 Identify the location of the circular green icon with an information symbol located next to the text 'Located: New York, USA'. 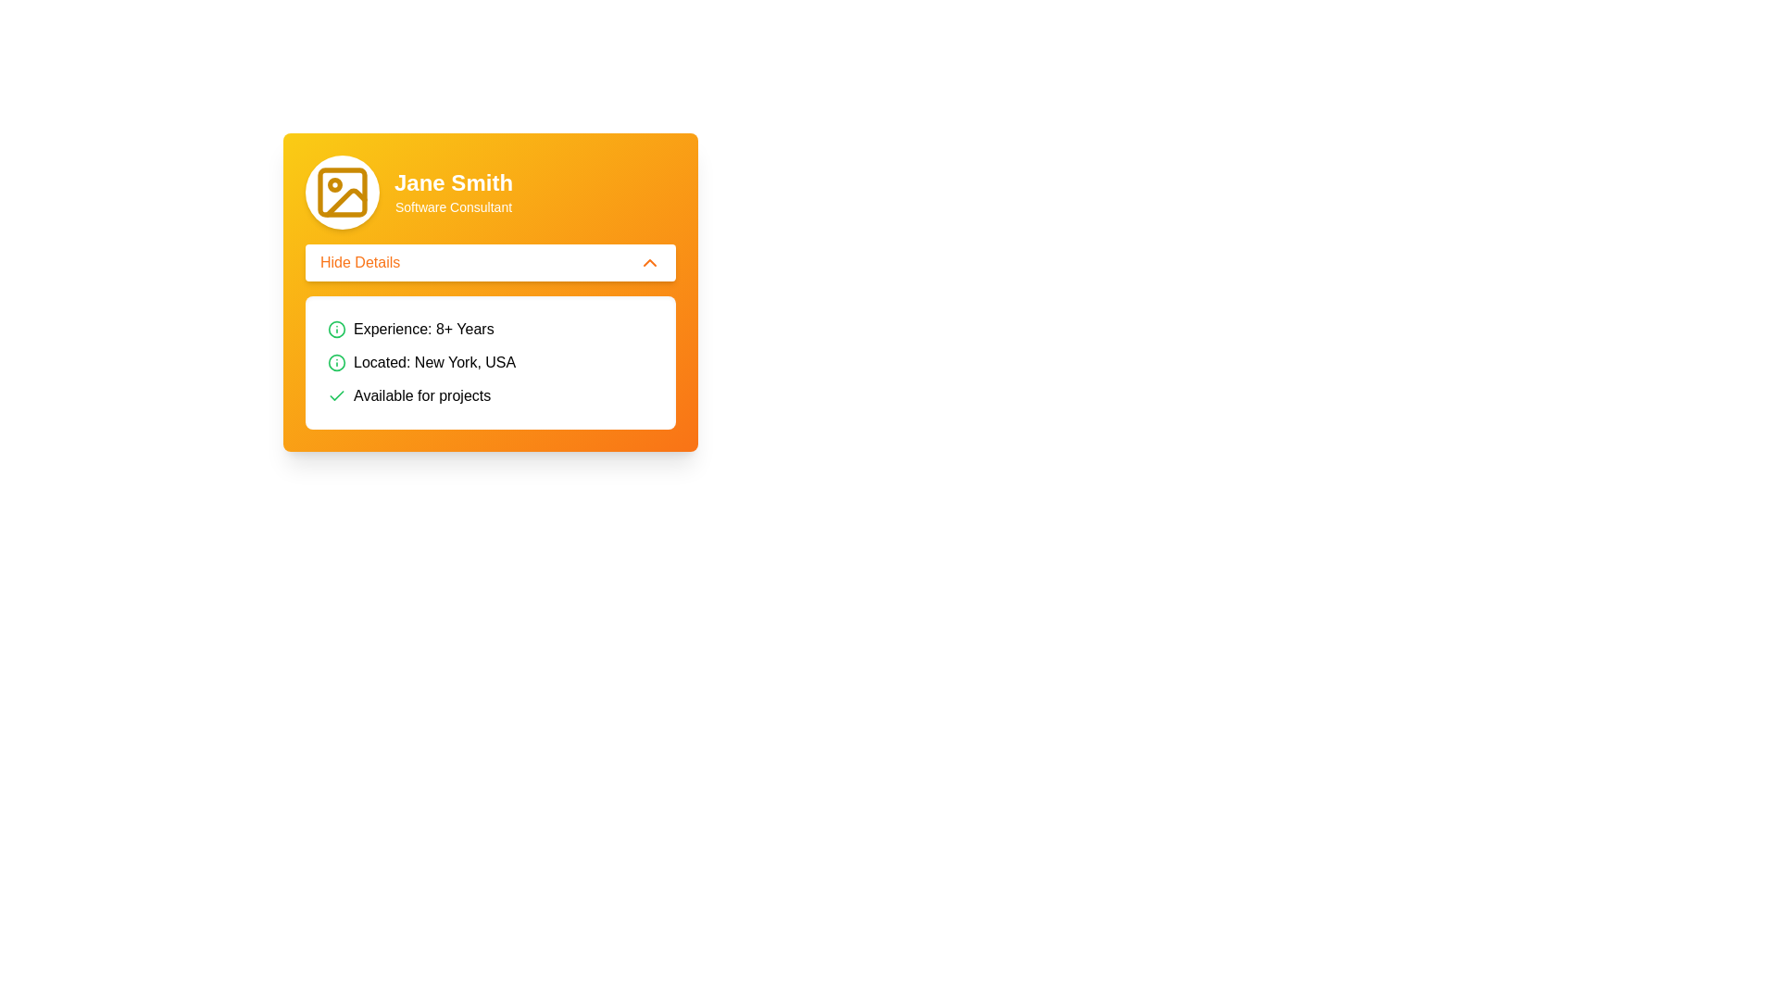
(490, 363).